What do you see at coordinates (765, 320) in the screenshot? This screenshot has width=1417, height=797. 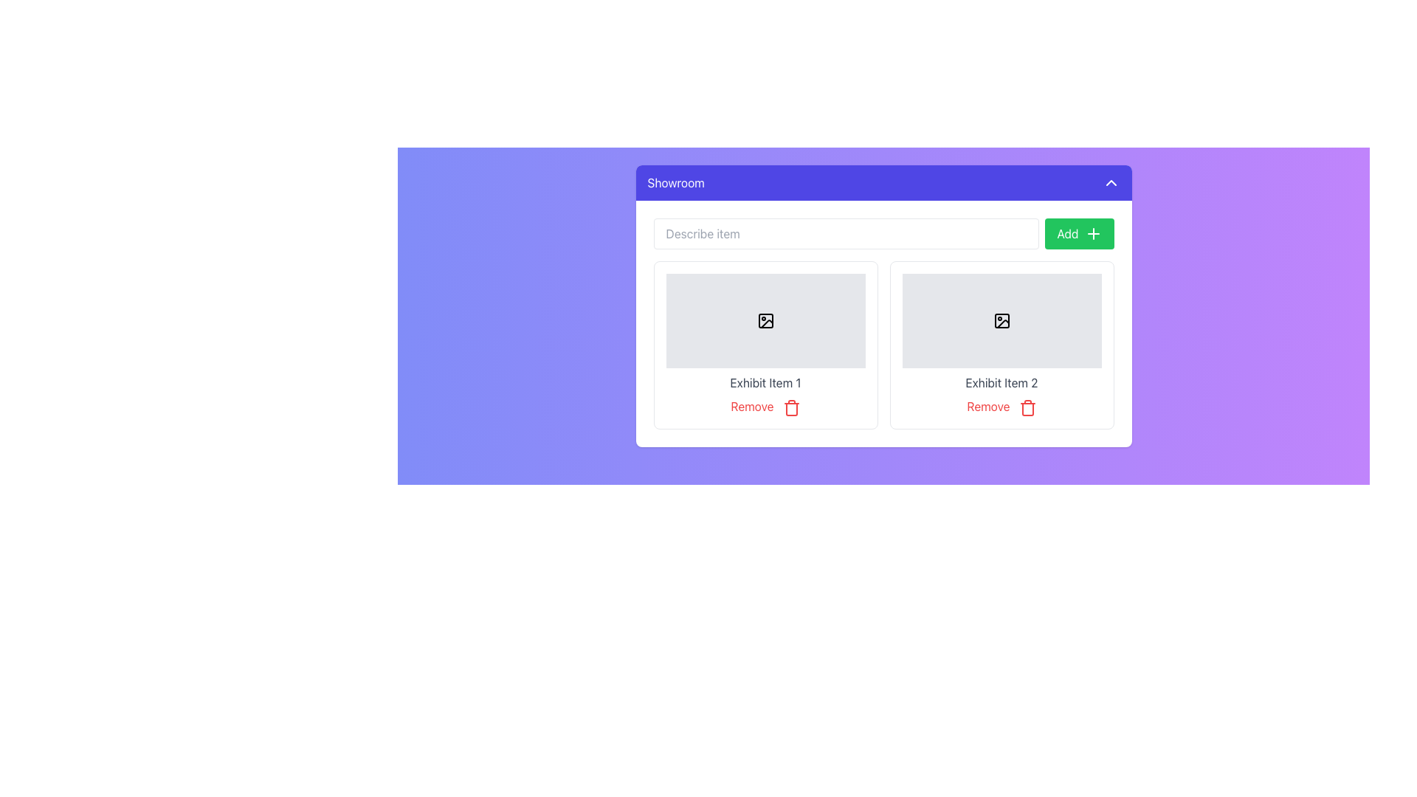 I see `the icon in the top-left corner of the 'Exhibit Item 1' panel under 'Showroom'` at bounding box center [765, 320].